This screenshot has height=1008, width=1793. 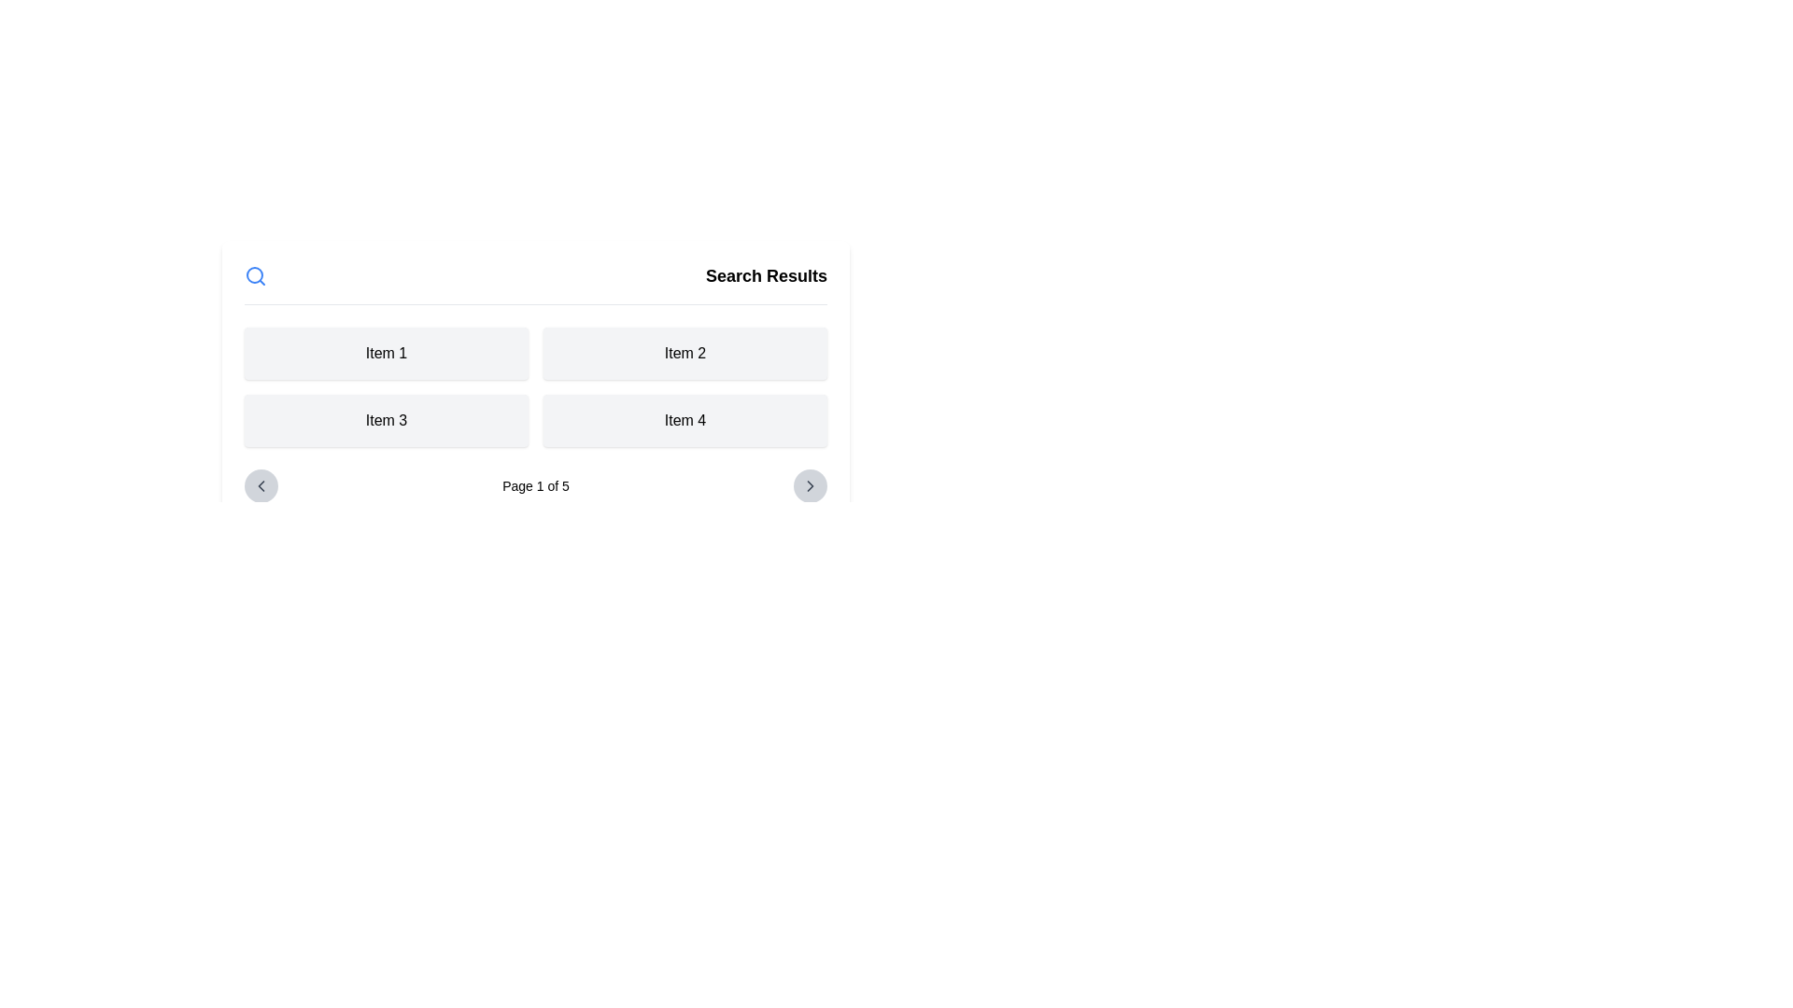 What do you see at coordinates (535, 484) in the screenshot?
I see `current page number and total pages displayed in the text display located at the bottom center of the interface` at bounding box center [535, 484].